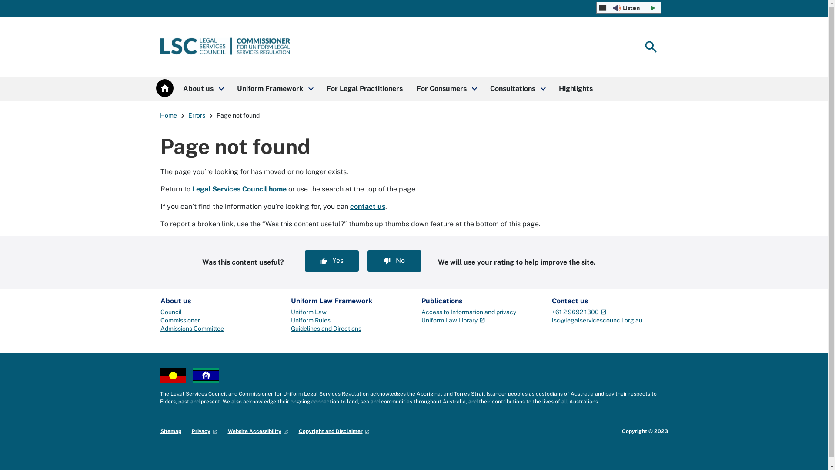 The image size is (835, 470). Describe the element at coordinates (175, 300) in the screenshot. I see `'About us'` at that location.